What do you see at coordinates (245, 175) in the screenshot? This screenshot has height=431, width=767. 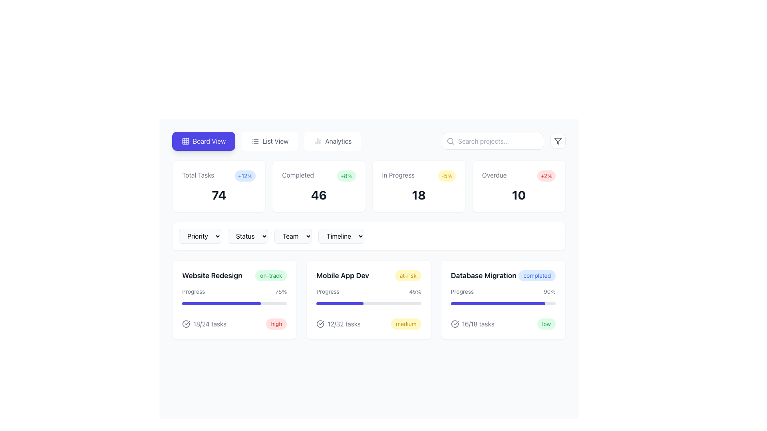 I see `the quantitative percentage increase label (+12%) associated with the 'Total Tasks' label, which is located to the right of the 'Total Tasks' text in the top-left section of the interface` at bounding box center [245, 175].